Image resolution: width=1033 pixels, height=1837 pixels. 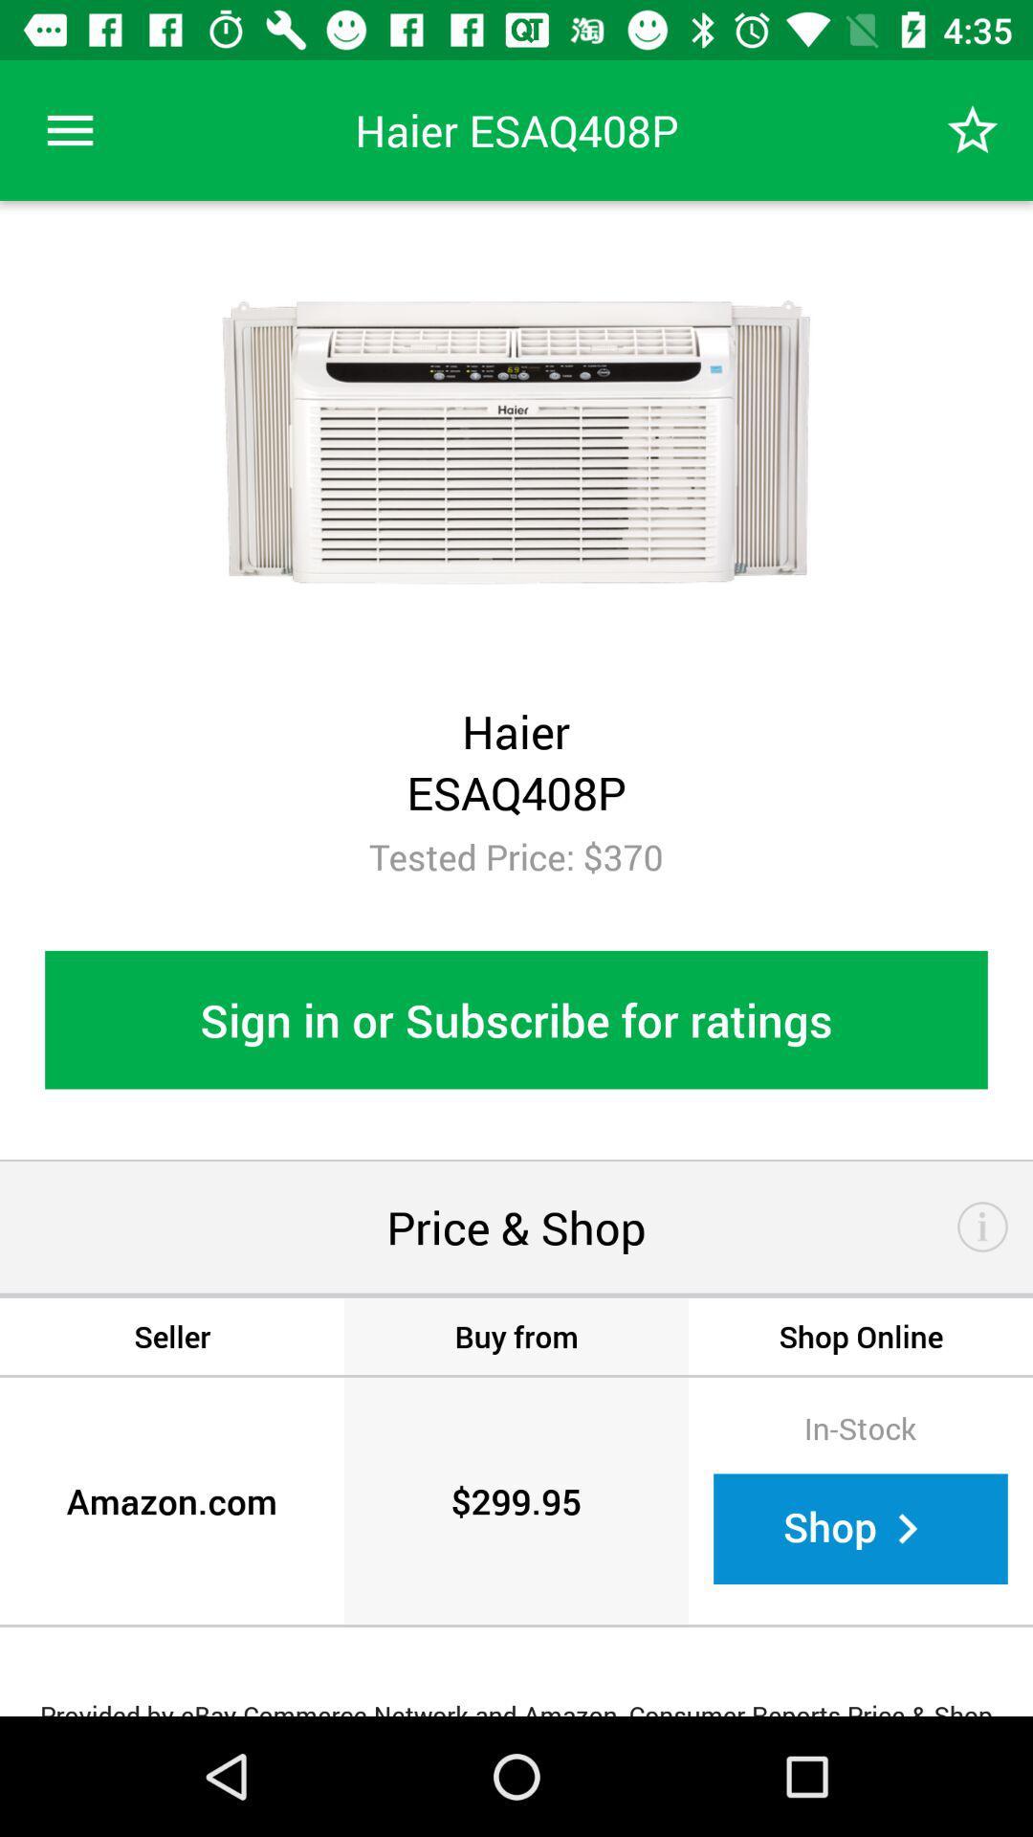 I want to click on icon above tested price: $370, so click(x=973, y=129).